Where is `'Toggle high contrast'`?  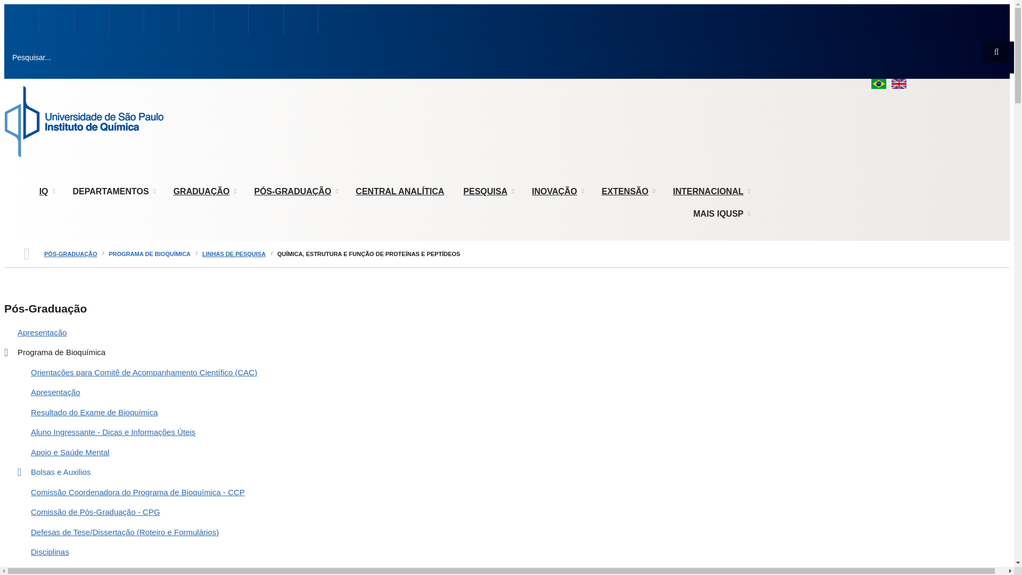 'Toggle high contrast' is located at coordinates (40, 4).